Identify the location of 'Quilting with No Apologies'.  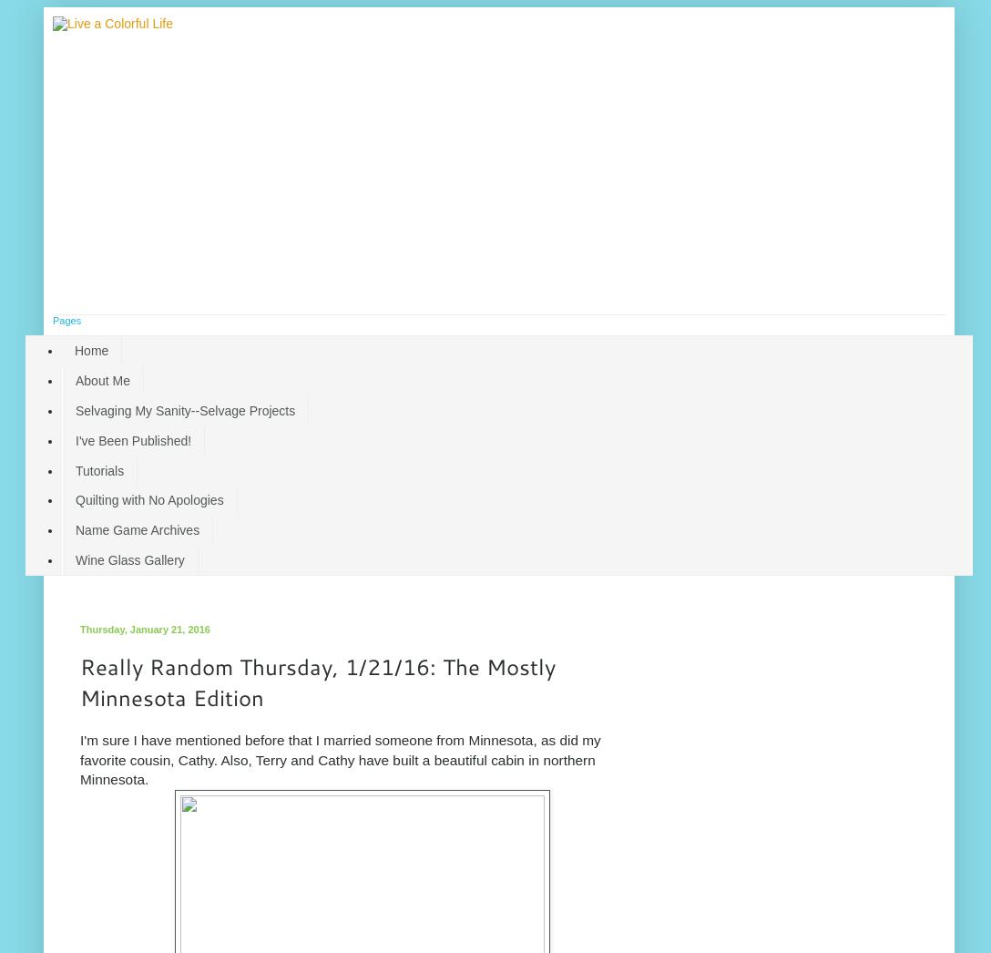
(148, 499).